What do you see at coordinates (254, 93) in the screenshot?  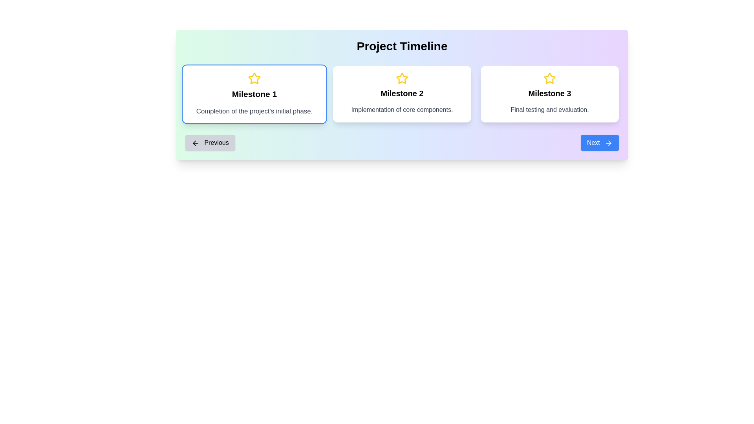 I see `the static text label displaying 'Milestone 1' which is centered within the leftmost card of three cards, located beneath the 'Project Timeline' heading` at bounding box center [254, 93].